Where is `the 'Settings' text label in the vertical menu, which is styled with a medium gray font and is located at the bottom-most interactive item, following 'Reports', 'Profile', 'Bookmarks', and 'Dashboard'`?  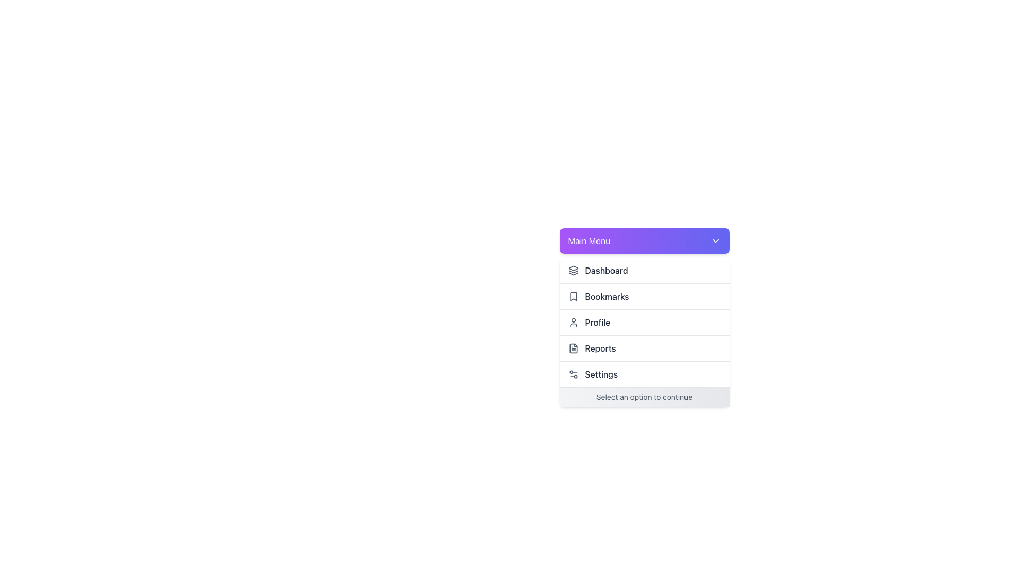
the 'Settings' text label in the vertical menu, which is styled with a medium gray font and is located at the bottom-most interactive item, following 'Reports', 'Profile', 'Bookmarks', and 'Dashboard' is located at coordinates (601, 373).